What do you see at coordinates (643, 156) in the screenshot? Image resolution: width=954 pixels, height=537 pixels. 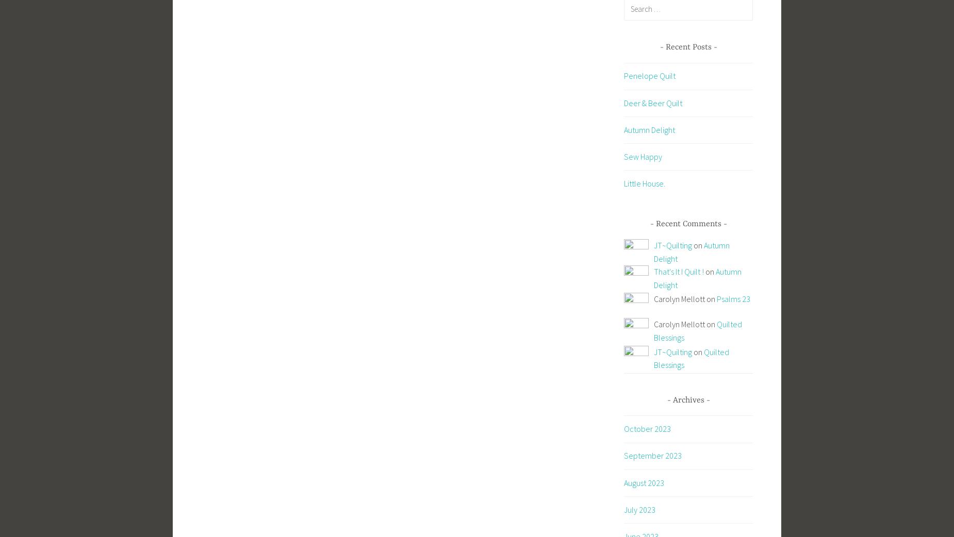 I see `'Sew Happy'` at bounding box center [643, 156].